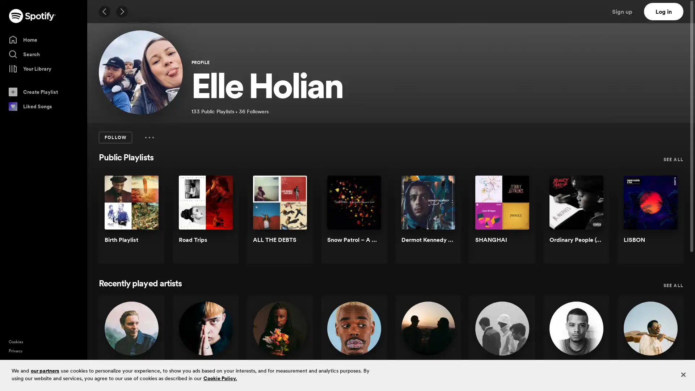 The height and width of the screenshot is (391, 695). I want to click on Play Raleigh Ritchie, so click(592, 346).